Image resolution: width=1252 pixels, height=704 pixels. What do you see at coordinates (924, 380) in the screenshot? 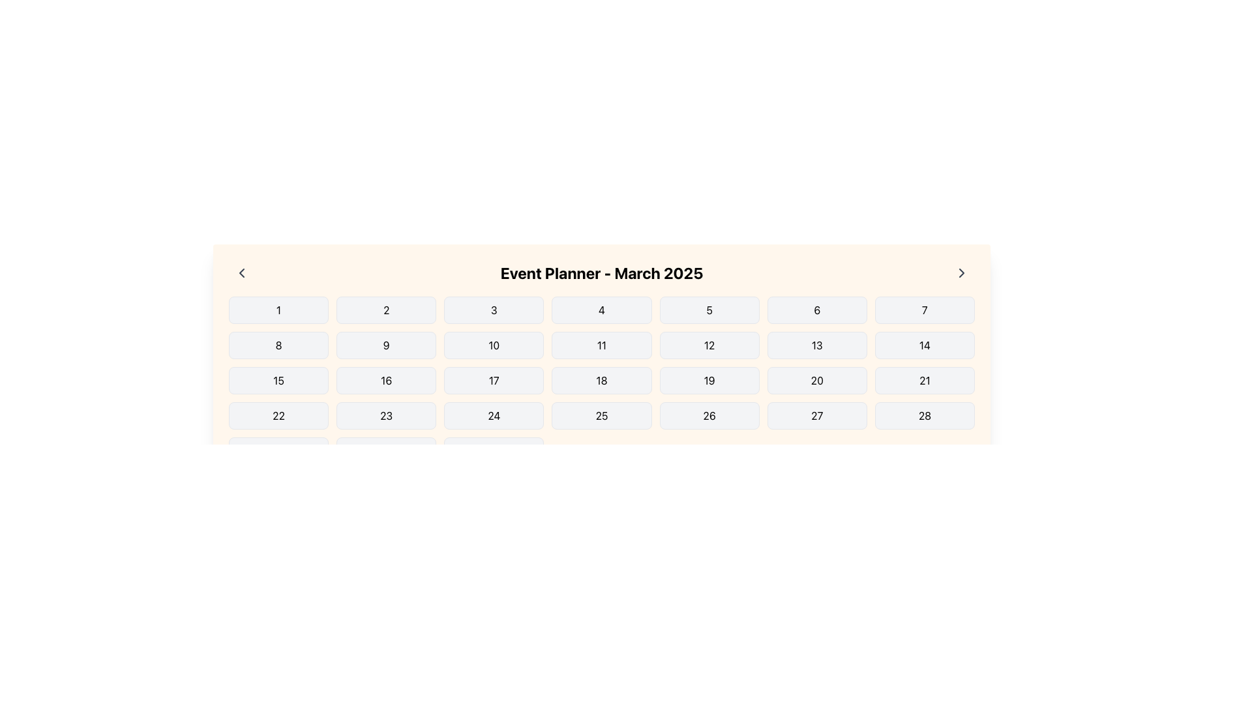
I see `the rectangular button with rounded corners labeled '21'` at bounding box center [924, 380].